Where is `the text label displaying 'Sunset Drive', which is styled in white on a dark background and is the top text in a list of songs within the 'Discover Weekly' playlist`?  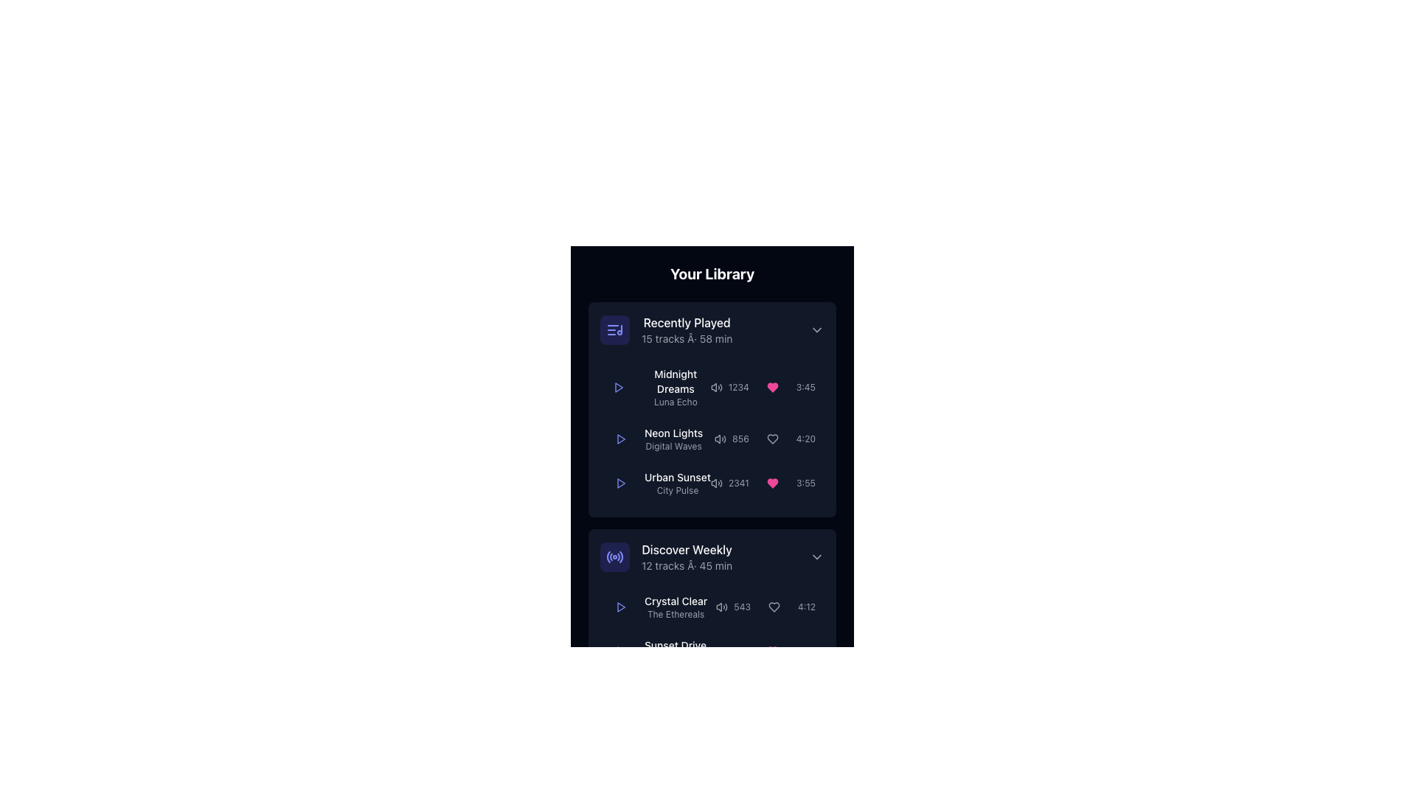 the text label displaying 'Sunset Drive', which is styled in white on a dark background and is the top text in a list of songs within the 'Discover Weekly' playlist is located at coordinates (675, 644).